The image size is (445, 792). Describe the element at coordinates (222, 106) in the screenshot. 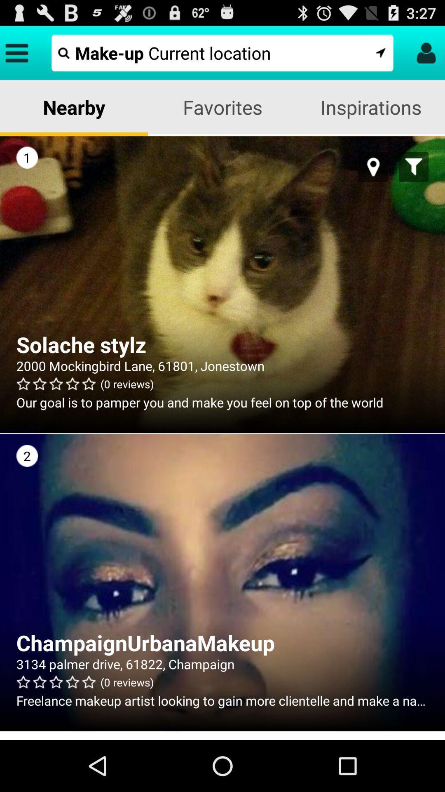

I see `favorites item` at that location.